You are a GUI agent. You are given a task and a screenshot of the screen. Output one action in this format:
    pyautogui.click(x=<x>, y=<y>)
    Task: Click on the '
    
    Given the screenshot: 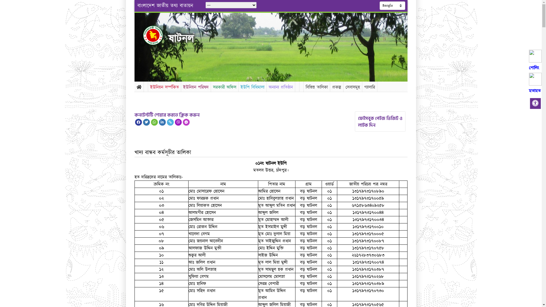 What is the action you would take?
    pyautogui.click(x=158, y=35)
    